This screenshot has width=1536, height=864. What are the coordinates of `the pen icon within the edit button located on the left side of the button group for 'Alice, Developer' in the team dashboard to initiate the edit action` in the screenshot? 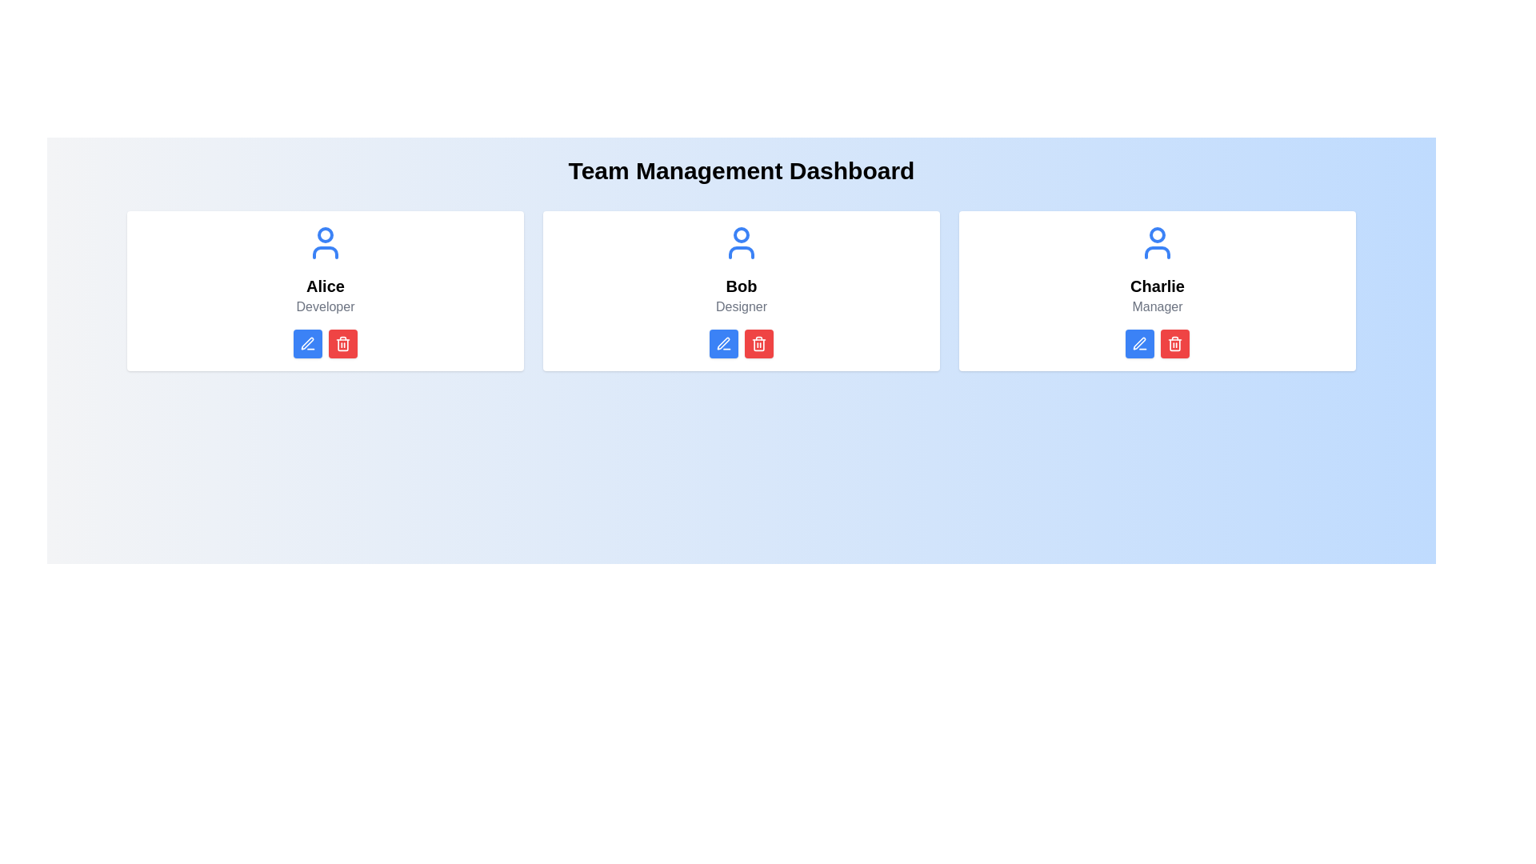 It's located at (307, 342).